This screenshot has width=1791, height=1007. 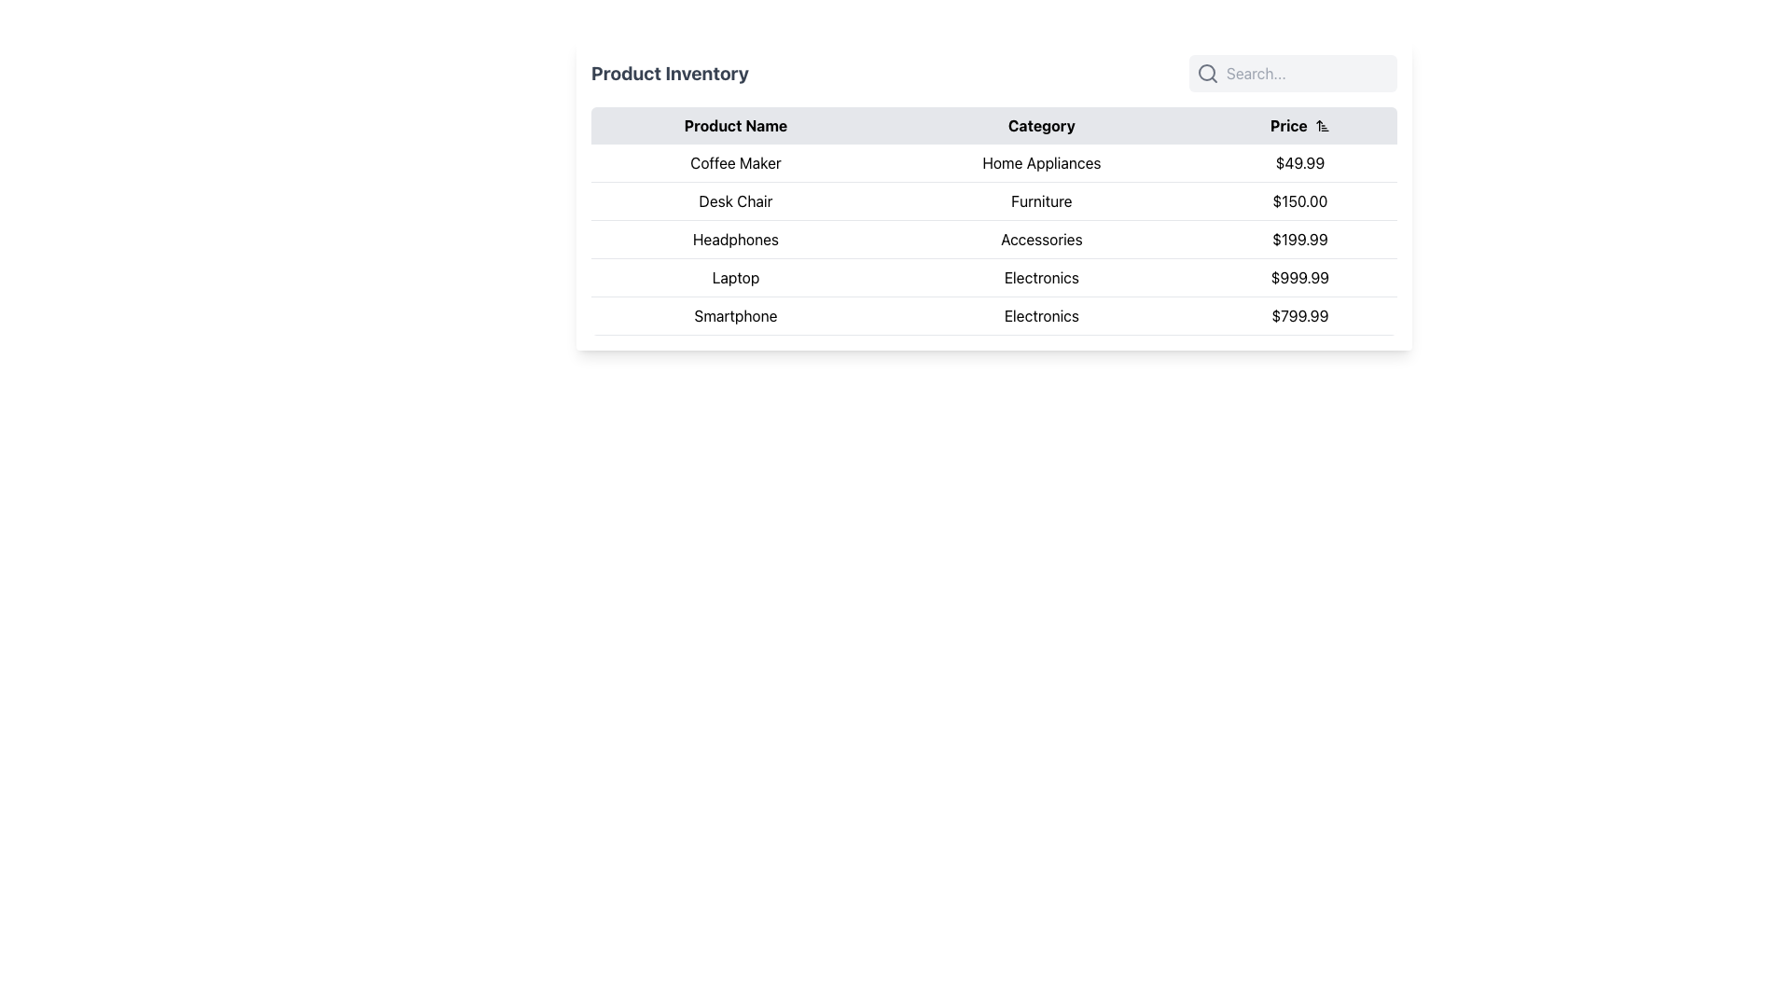 What do you see at coordinates (1298, 201) in the screenshot?
I see `the text label displaying the price '$150.00' for the product 'Desk Chair', located in the third column under the 'Price' heading` at bounding box center [1298, 201].